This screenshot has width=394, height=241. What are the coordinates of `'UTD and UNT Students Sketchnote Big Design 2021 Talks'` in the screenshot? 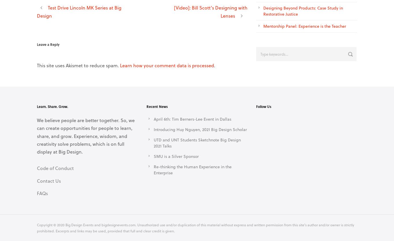 It's located at (153, 142).